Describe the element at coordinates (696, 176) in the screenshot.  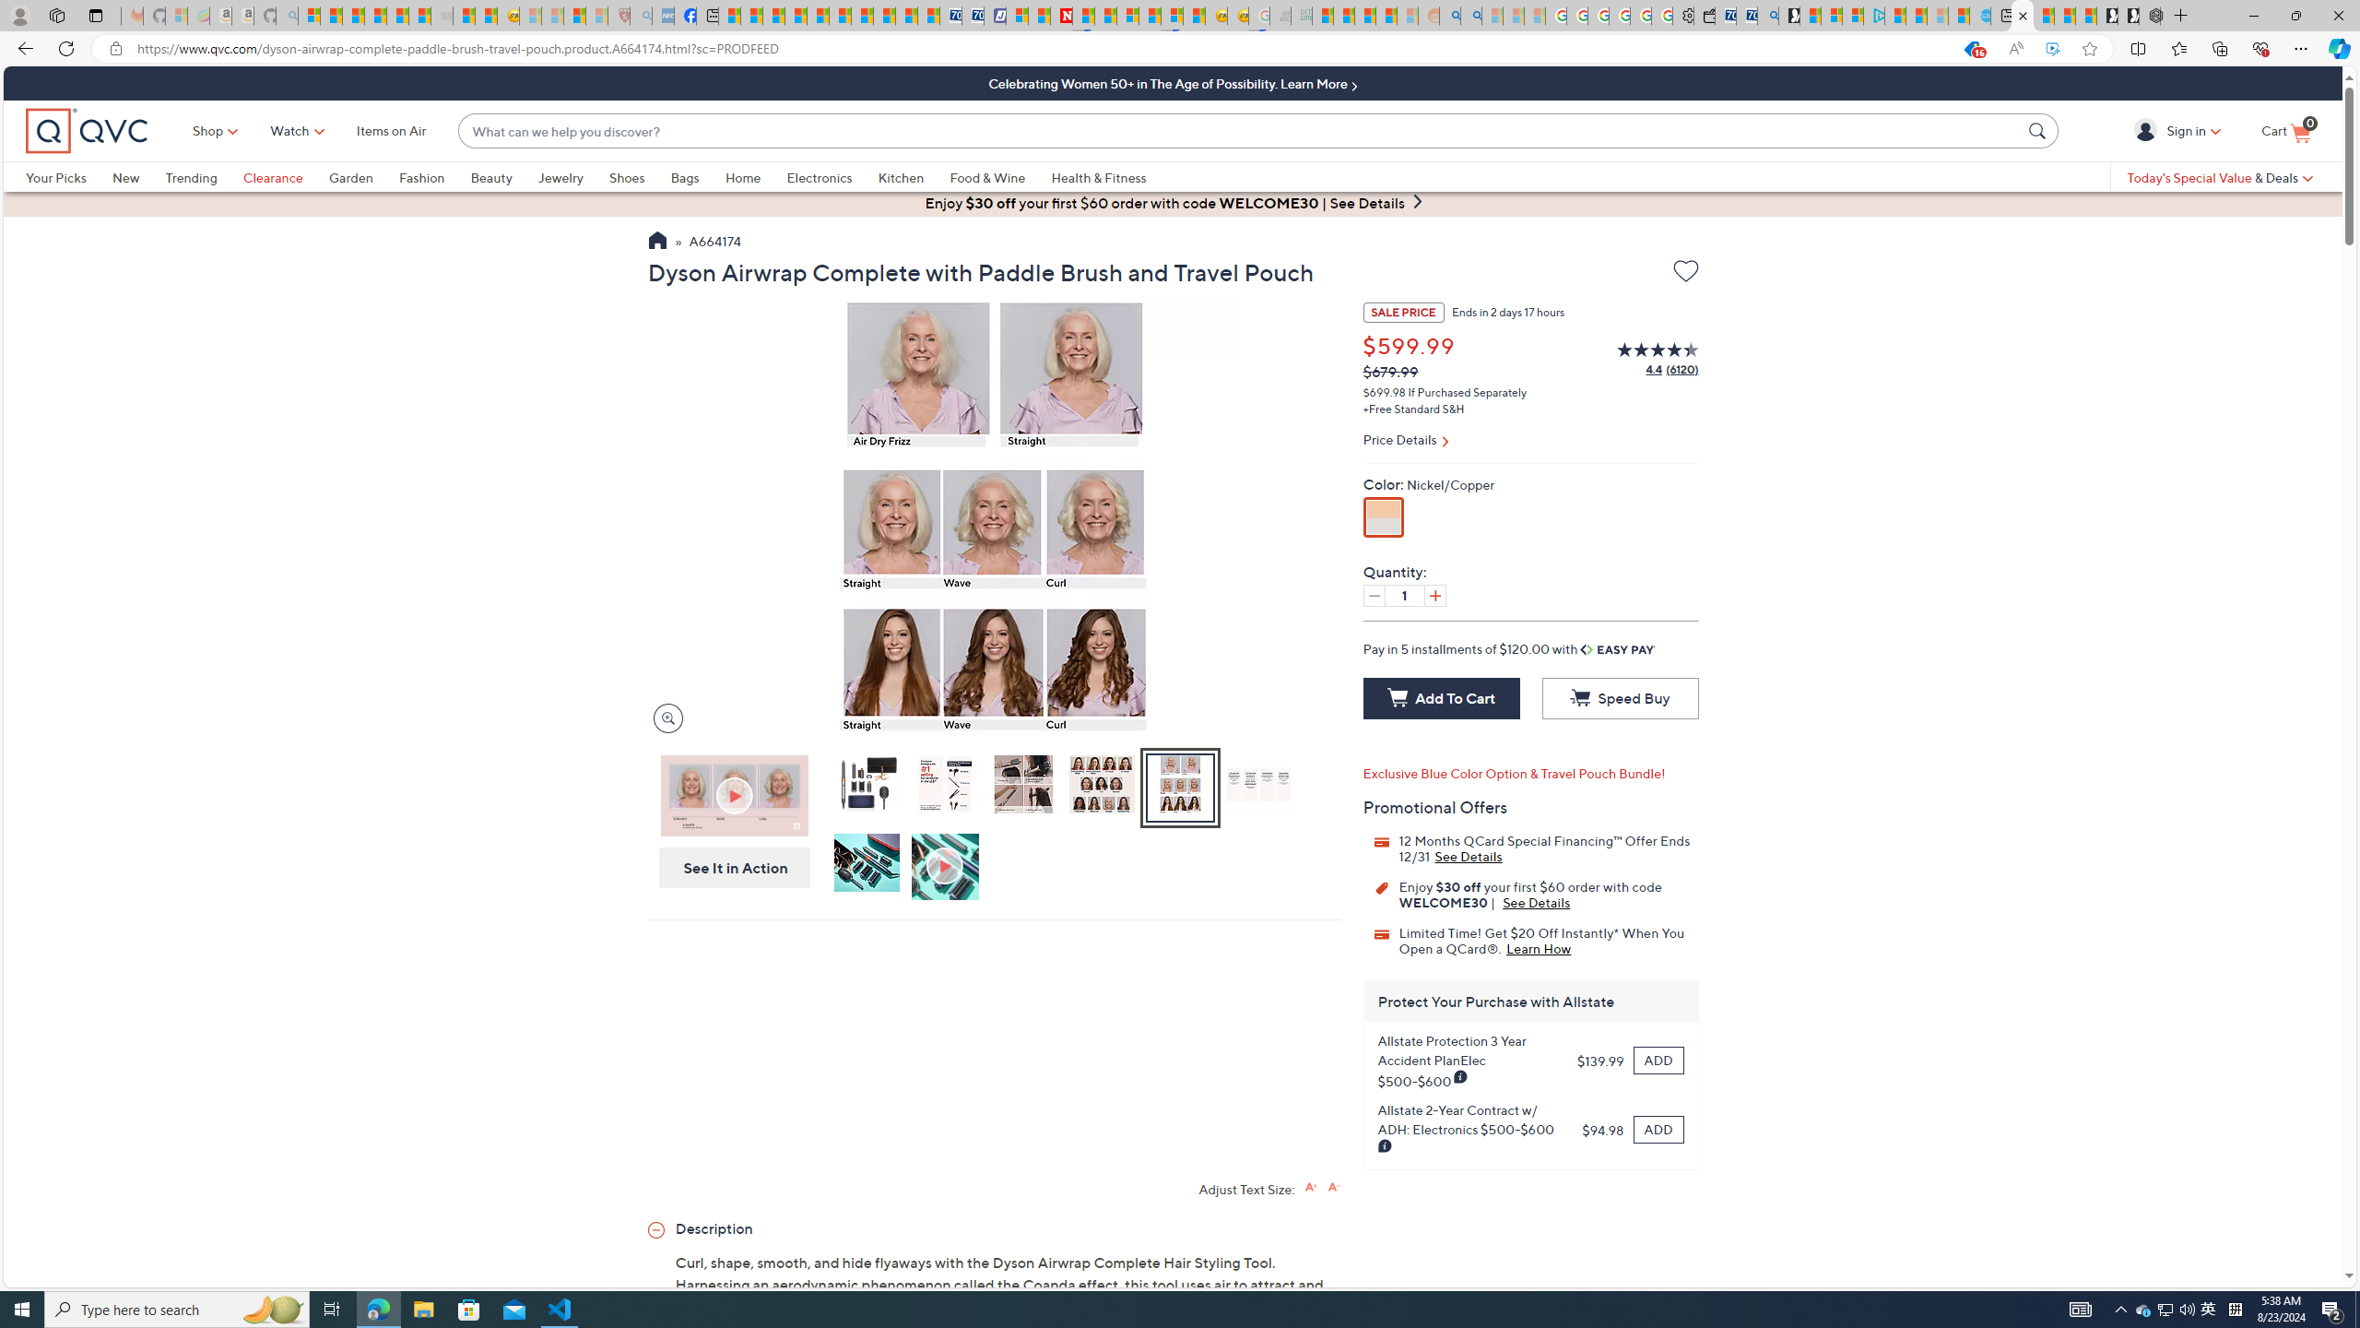
I see `'Bags'` at that location.